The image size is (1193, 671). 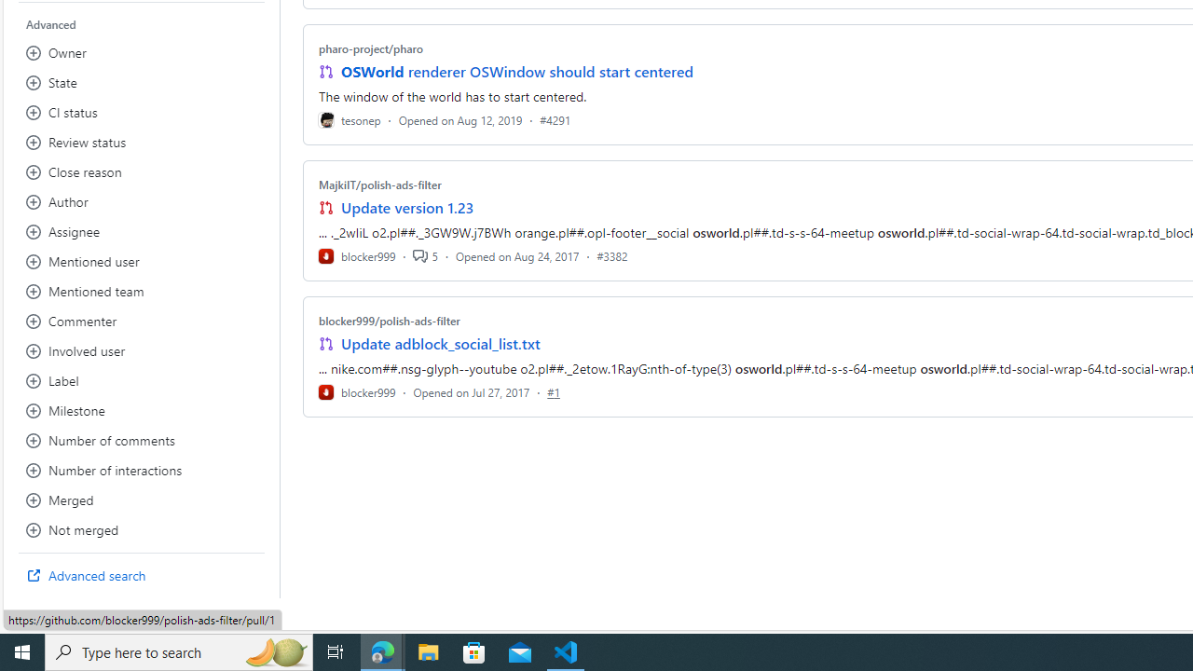 I want to click on 'Advanced search', so click(x=141, y=575).